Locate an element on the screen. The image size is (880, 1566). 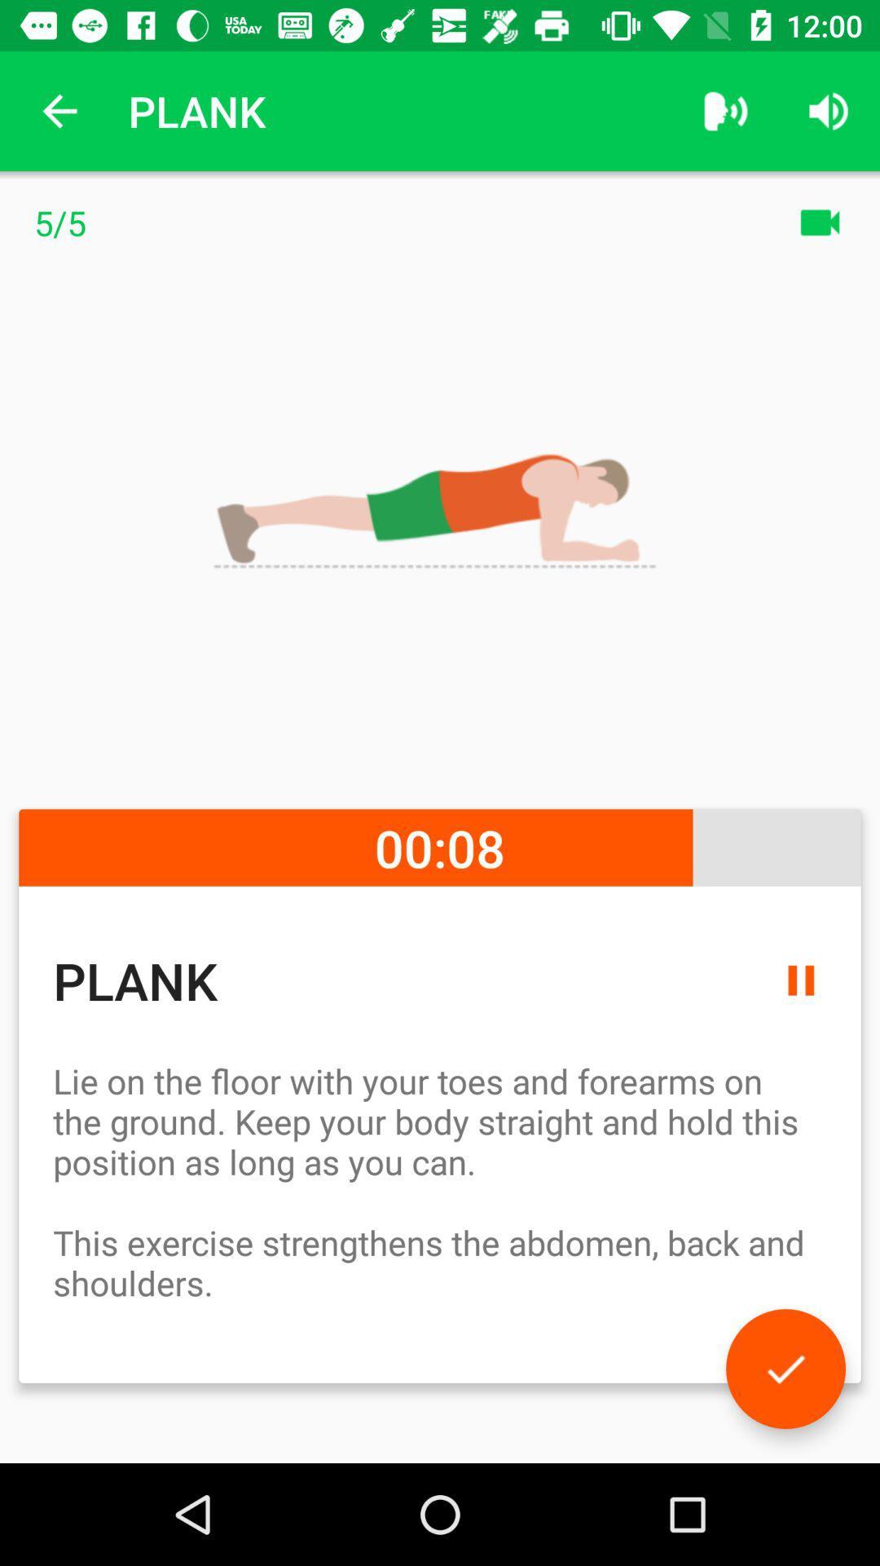
validate the exercice is located at coordinates (785, 1369).